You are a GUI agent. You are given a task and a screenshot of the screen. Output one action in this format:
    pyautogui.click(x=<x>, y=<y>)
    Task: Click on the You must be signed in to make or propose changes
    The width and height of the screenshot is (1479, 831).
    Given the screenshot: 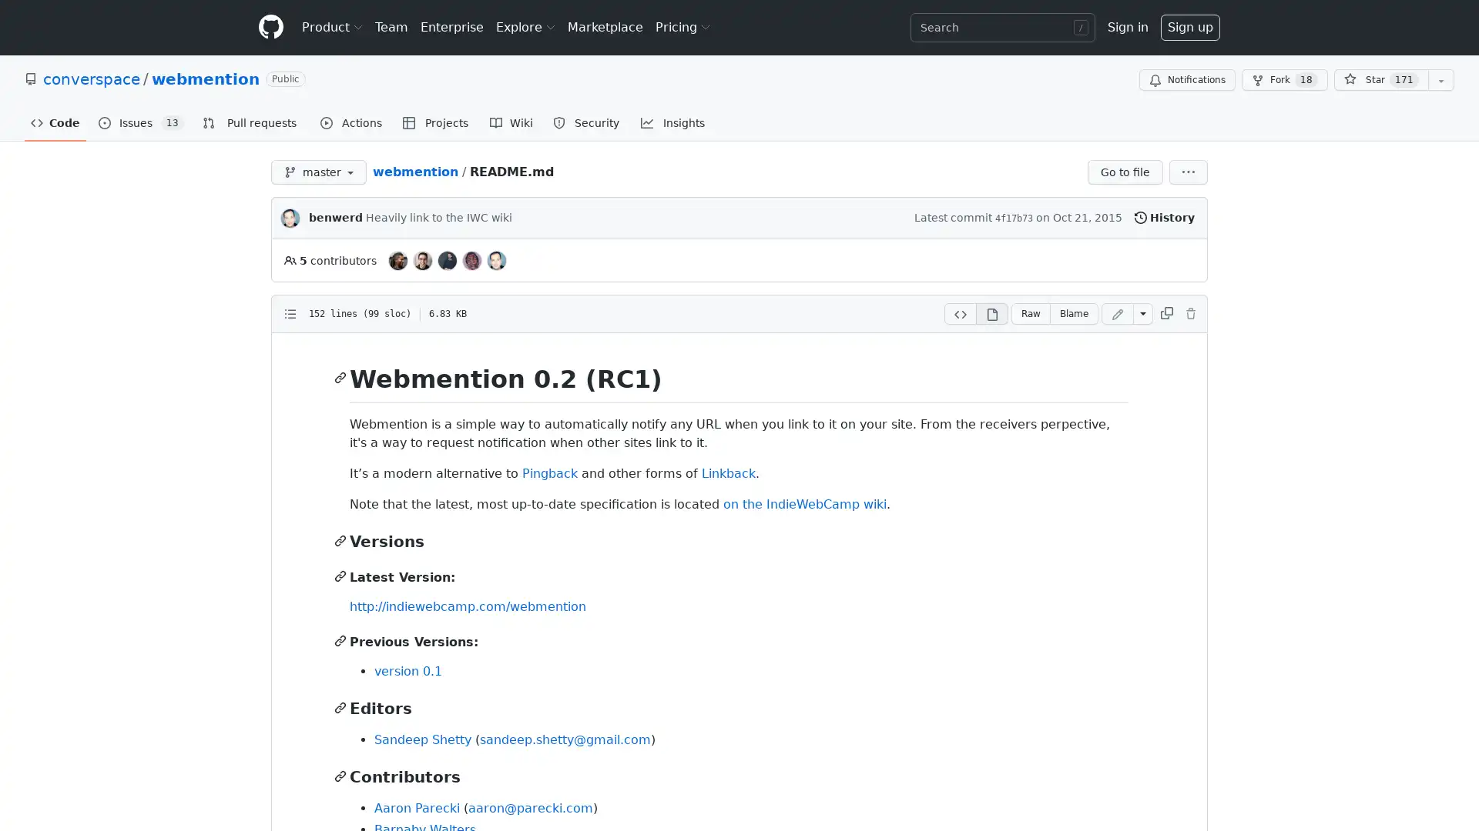 What is the action you would take?
    pyautogui.click(x=1117, y=313)
    